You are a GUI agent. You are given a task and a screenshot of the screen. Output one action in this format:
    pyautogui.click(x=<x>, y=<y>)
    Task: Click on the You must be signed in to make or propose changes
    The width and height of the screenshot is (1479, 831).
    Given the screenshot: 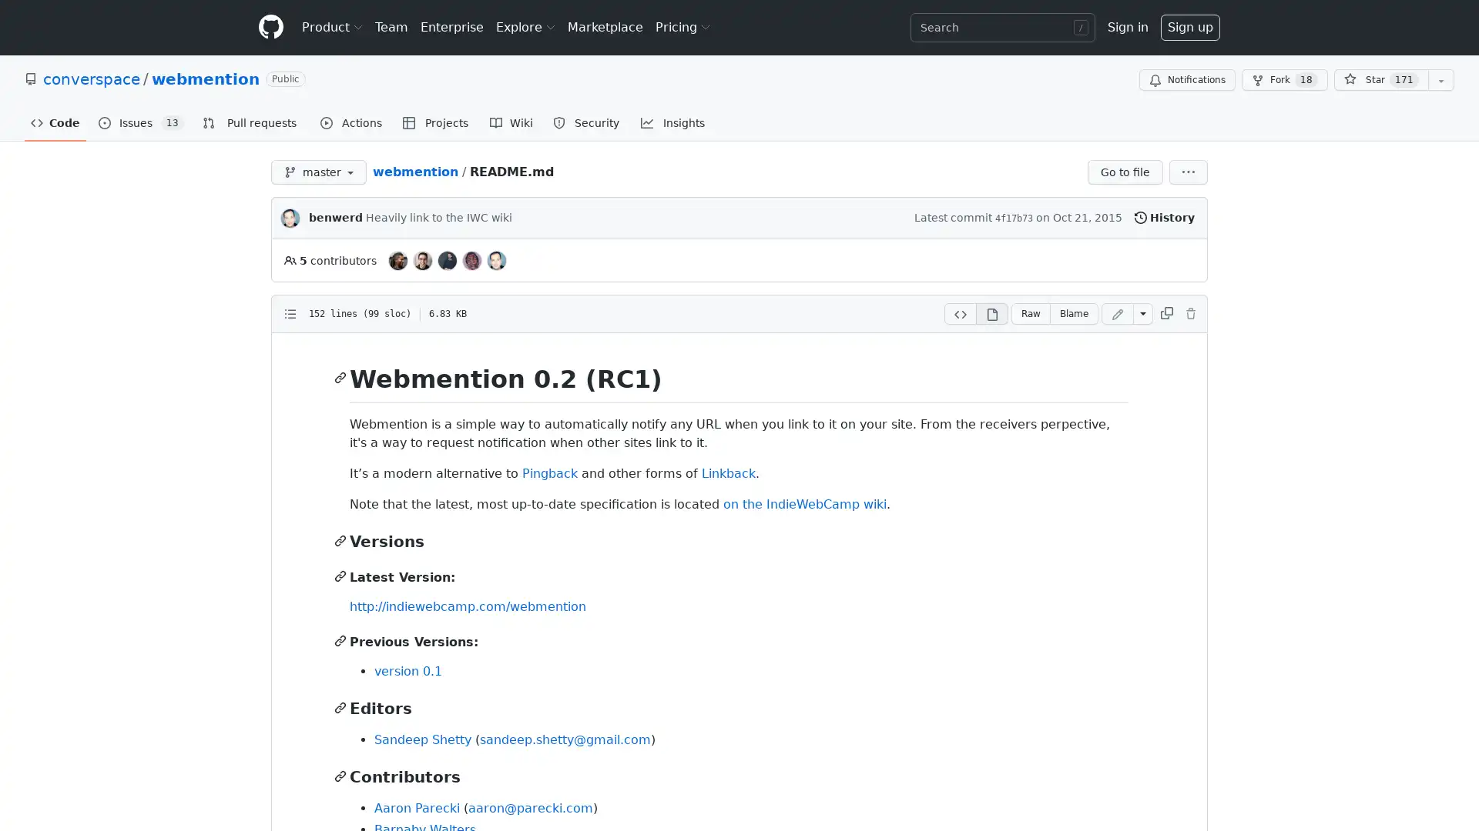 What is the action you would take?
    pyautogui.click(x=1117, y=313)
    